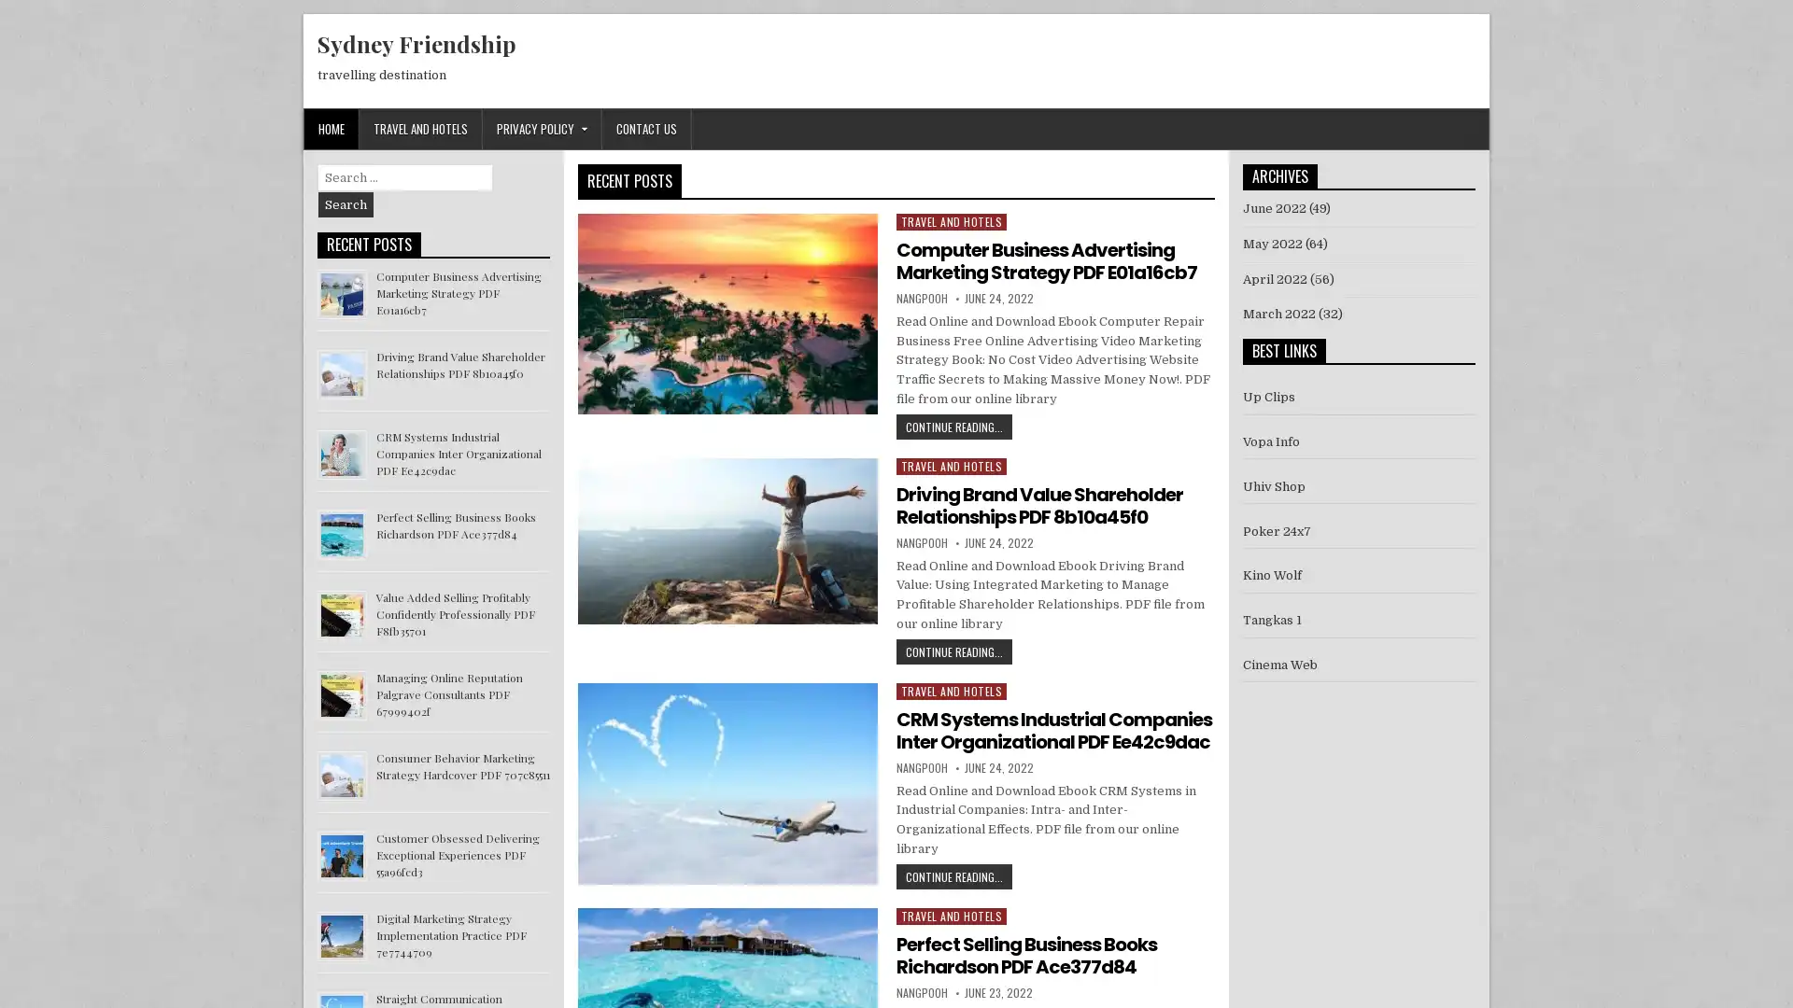 This screenshot has height=1008, width=1793. Describe the element at coordinates (346, 204) in the screenshot. I see `Search` at that location.